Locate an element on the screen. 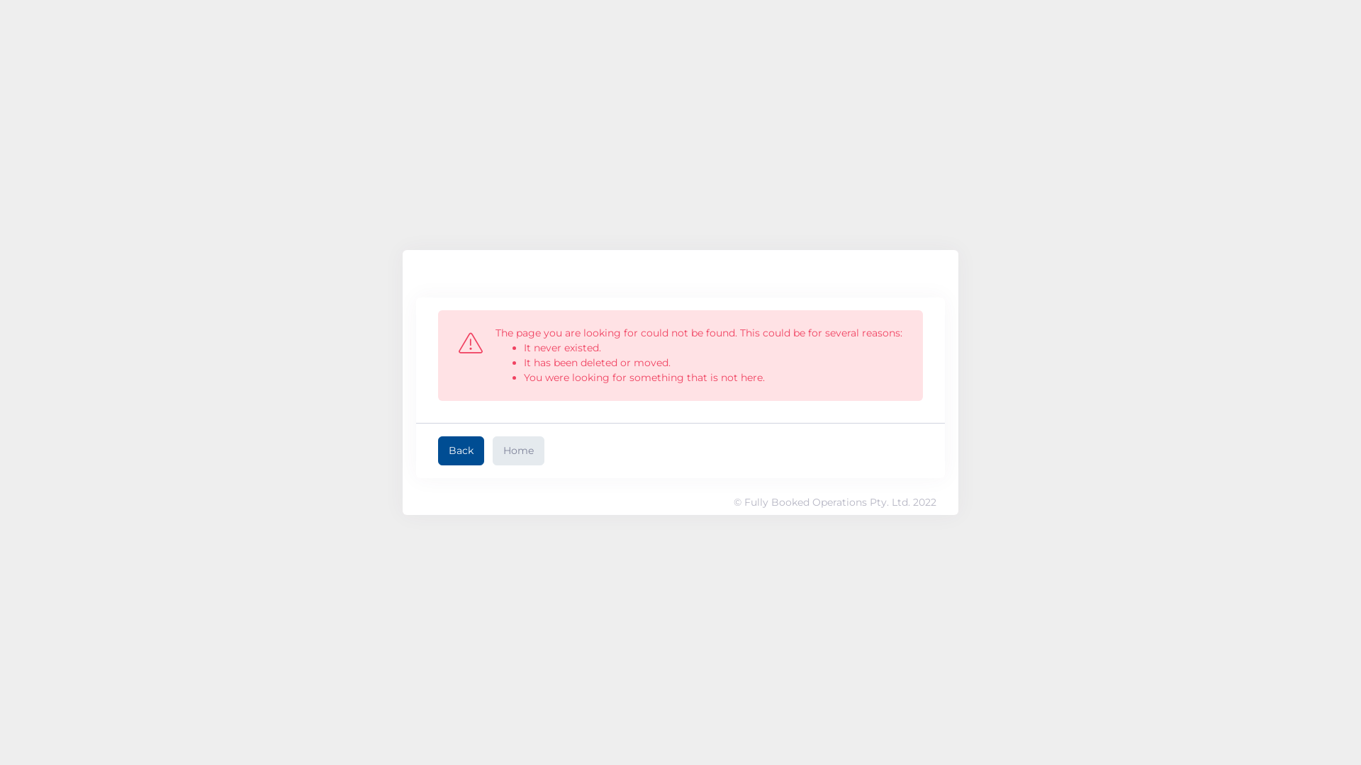  'Home' is located at coordinates (517, 450).